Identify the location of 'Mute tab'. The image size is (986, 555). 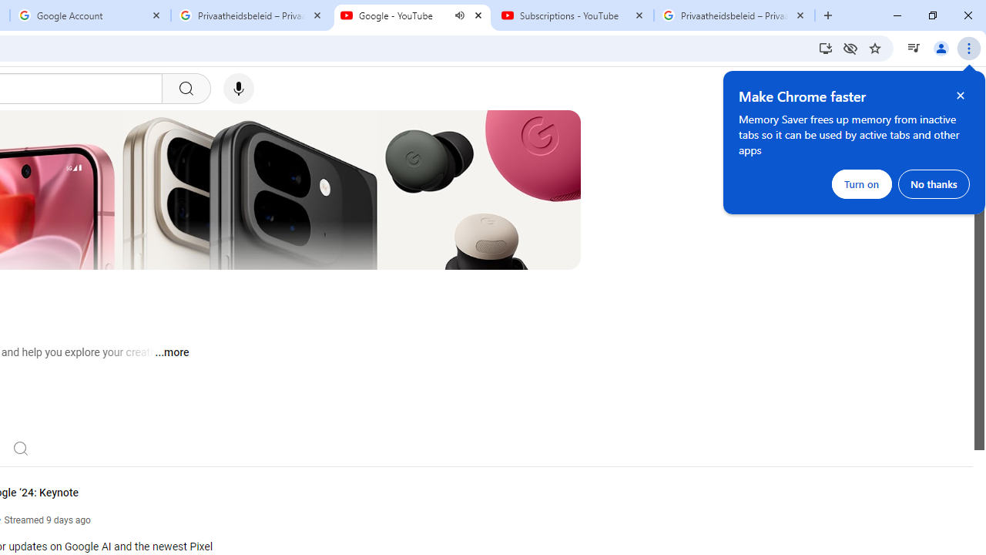
(459, 15).